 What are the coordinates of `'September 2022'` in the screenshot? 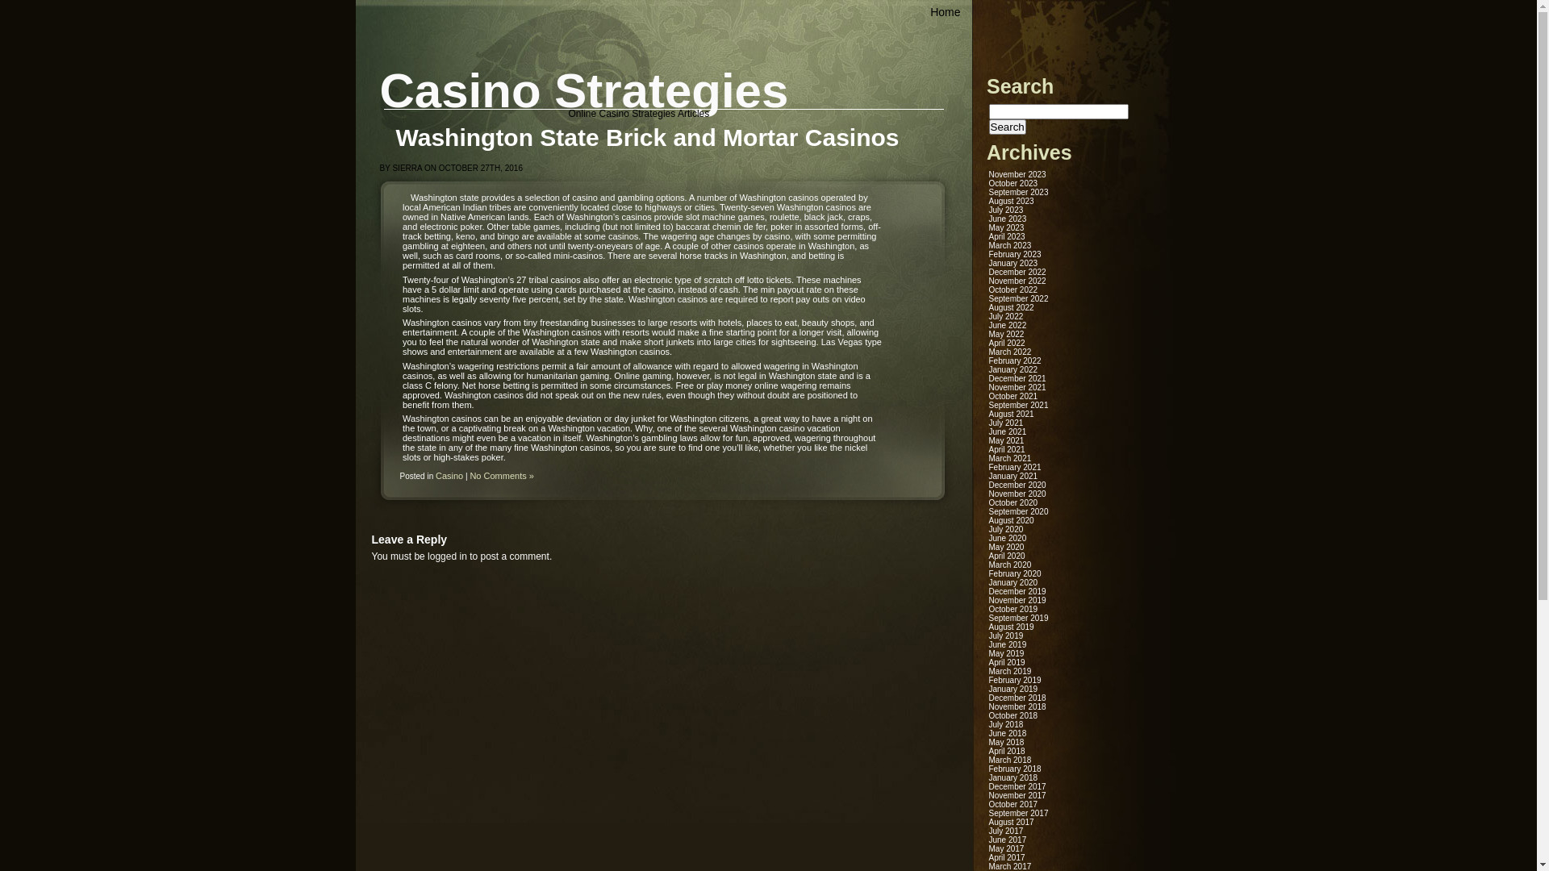 It's located at (1017, 298).